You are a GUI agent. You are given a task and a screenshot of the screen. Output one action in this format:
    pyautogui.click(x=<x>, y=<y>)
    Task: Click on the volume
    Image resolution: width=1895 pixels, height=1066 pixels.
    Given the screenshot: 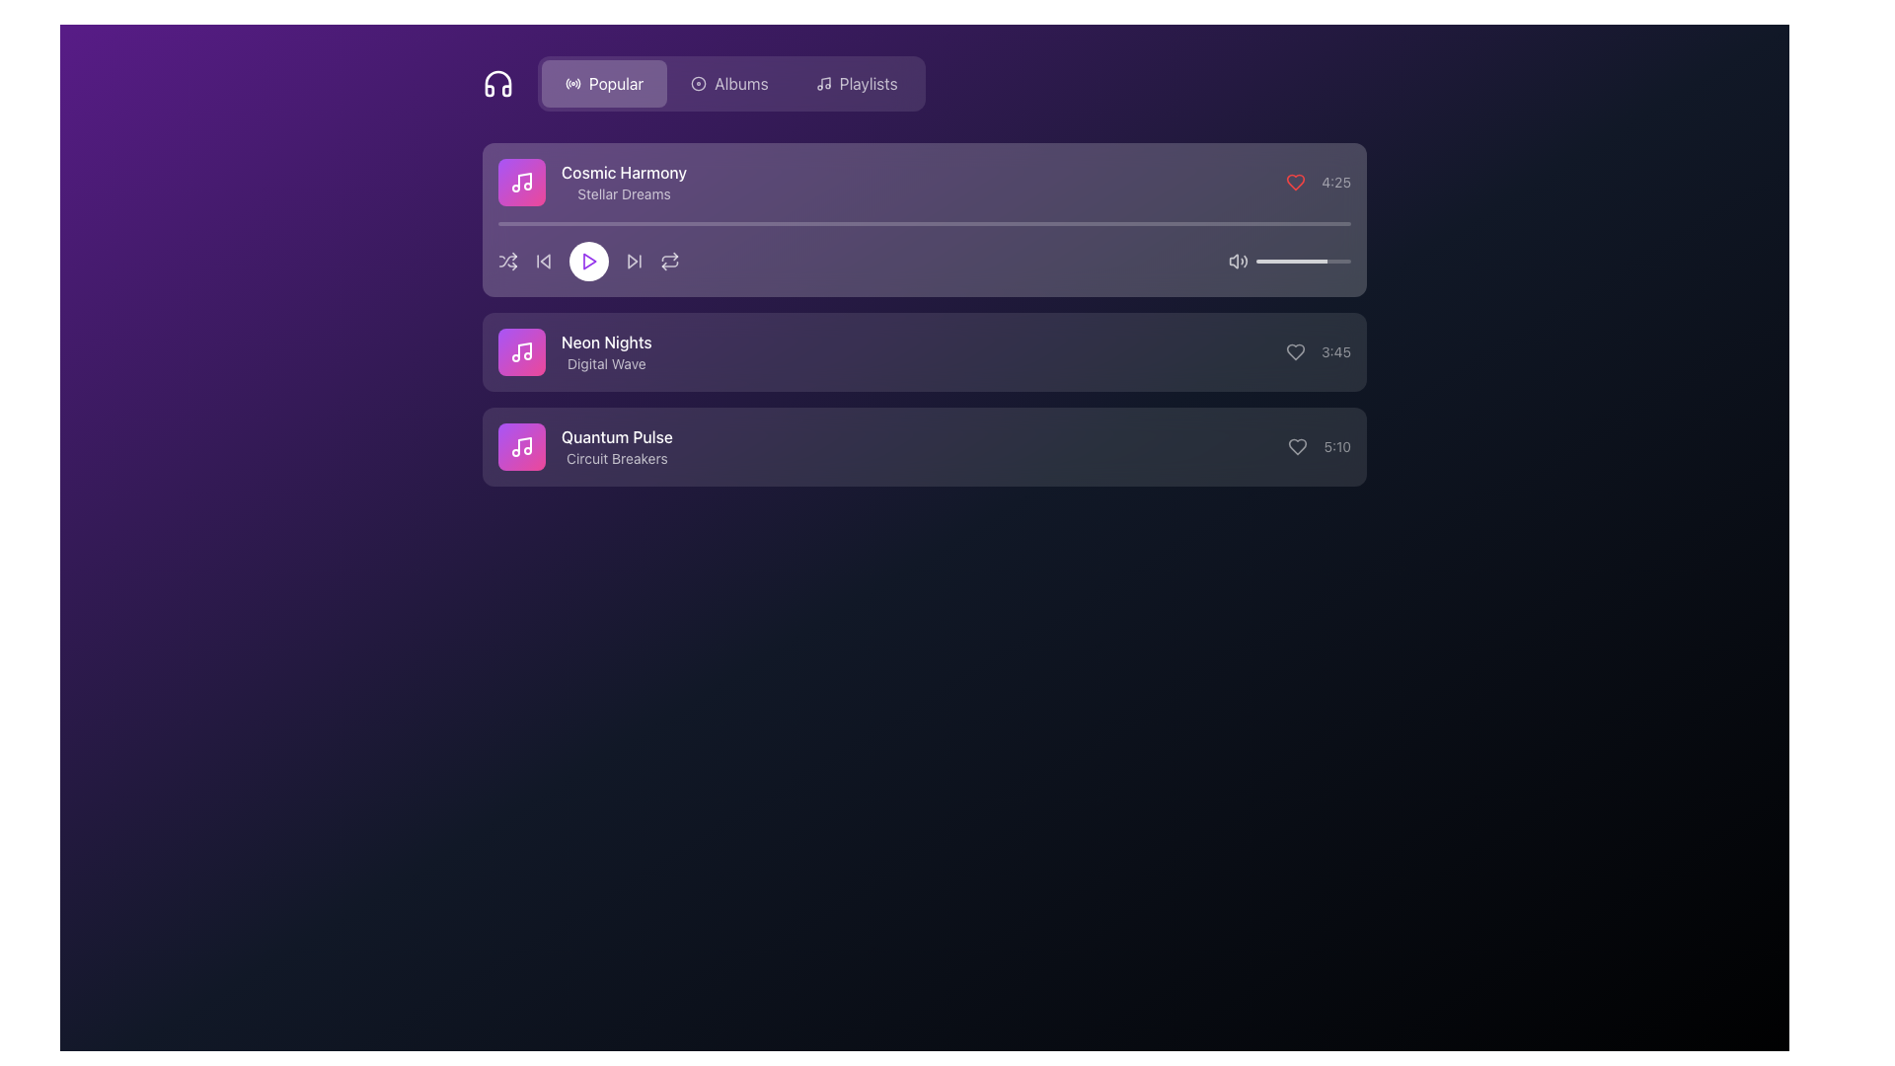 What is the action you would take?
    pyautogui.click(x=1284, y=261)
    